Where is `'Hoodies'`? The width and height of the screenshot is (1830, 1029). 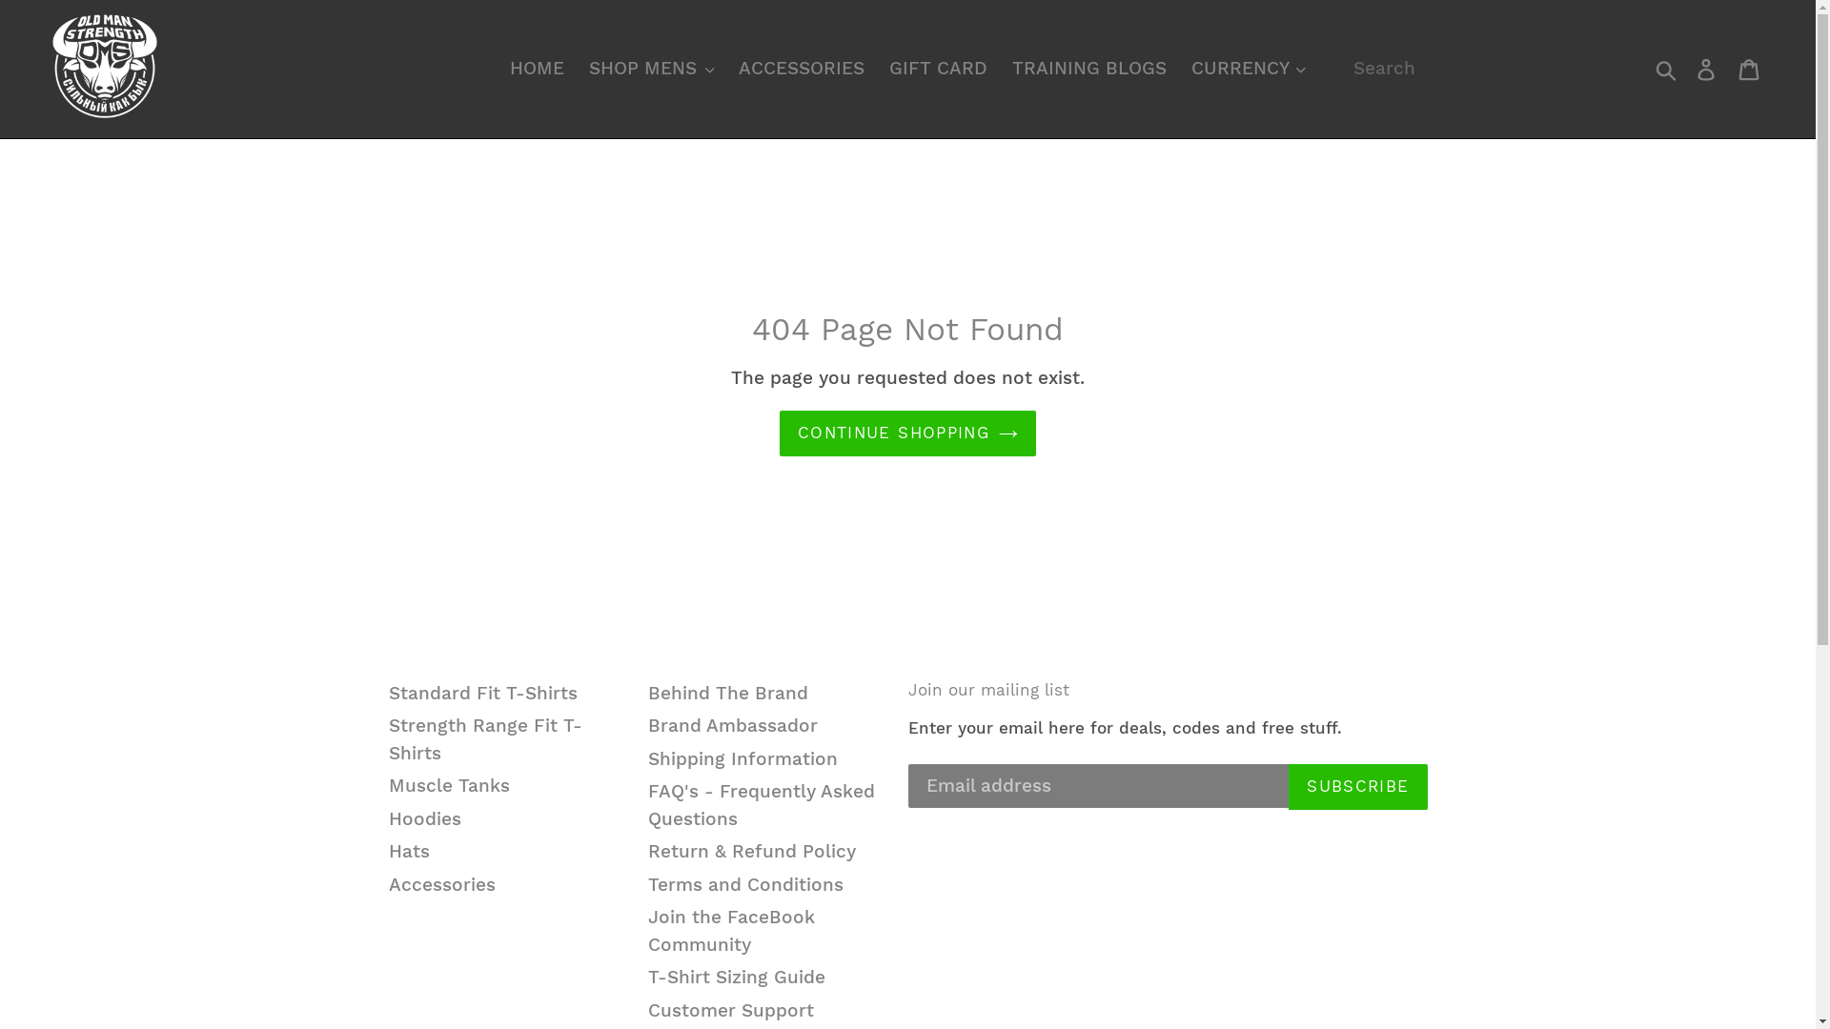
'Hoodies' is located at coordinates (424, 817).